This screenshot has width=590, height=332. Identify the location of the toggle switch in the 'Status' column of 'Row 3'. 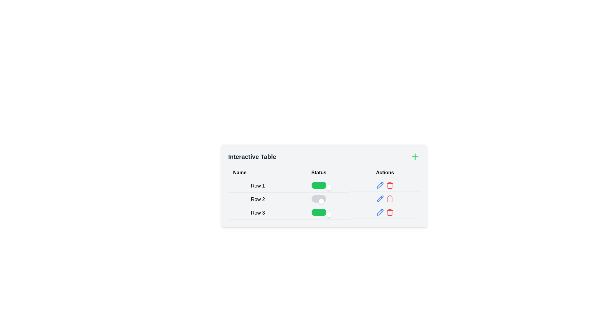
(319, 212).